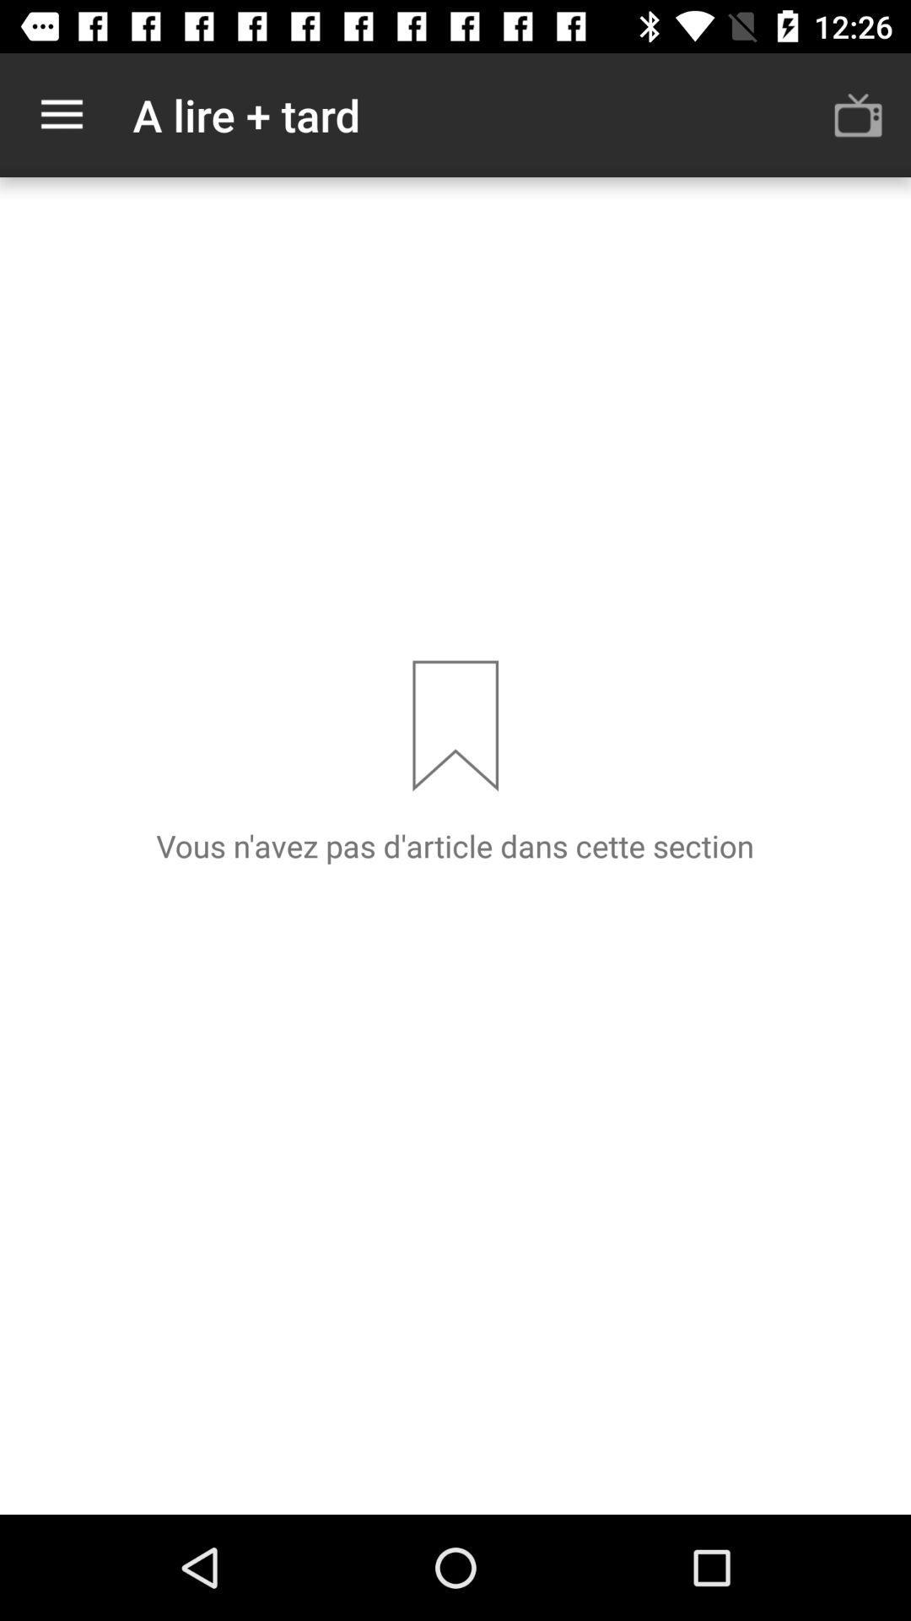 This screenshot has width=911, height=1621. What do you see at coordinates (858, 114) in the screenshot?
I see `the item next to the a lire + tard item` at bounding box center [858, 114].